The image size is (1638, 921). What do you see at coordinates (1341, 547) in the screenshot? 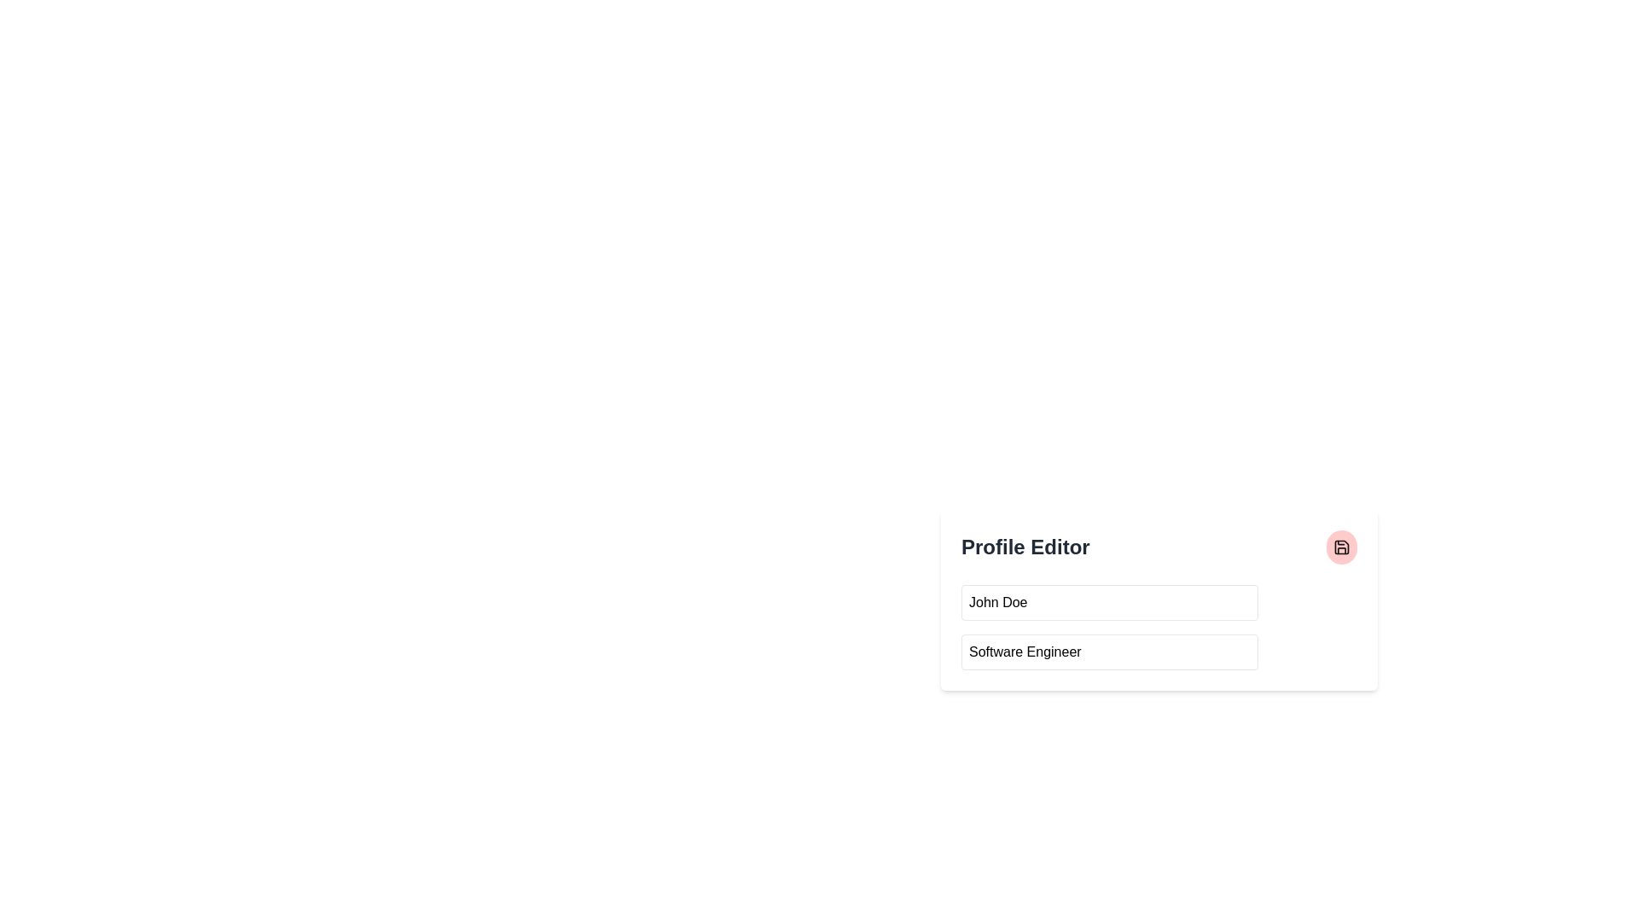
I see `the rounded red button with a save icon located to the right of the 'Profile Editor' text header` at bounding box center [1341, 547].